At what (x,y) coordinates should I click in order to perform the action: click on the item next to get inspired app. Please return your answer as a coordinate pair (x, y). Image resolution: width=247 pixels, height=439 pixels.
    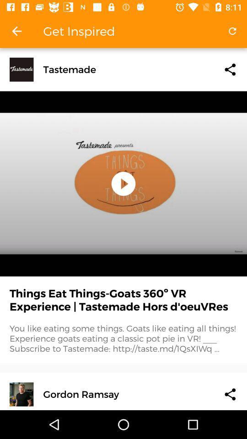
    Looking at the image, I should click on (16, 31).